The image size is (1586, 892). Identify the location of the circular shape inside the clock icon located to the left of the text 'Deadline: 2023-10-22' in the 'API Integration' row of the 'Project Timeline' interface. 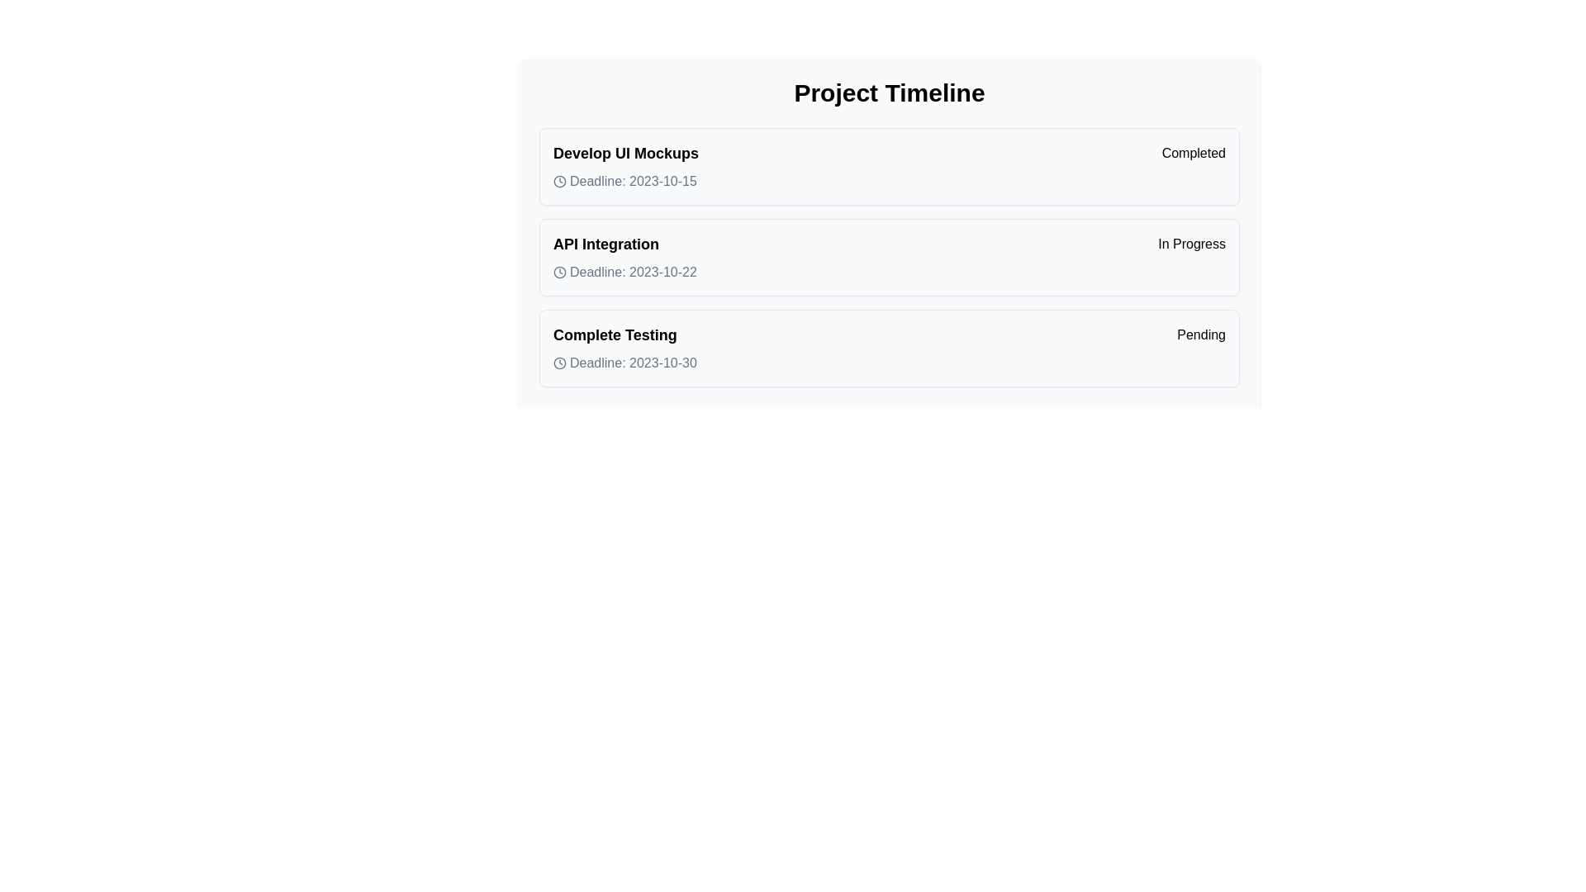
(559, 272).